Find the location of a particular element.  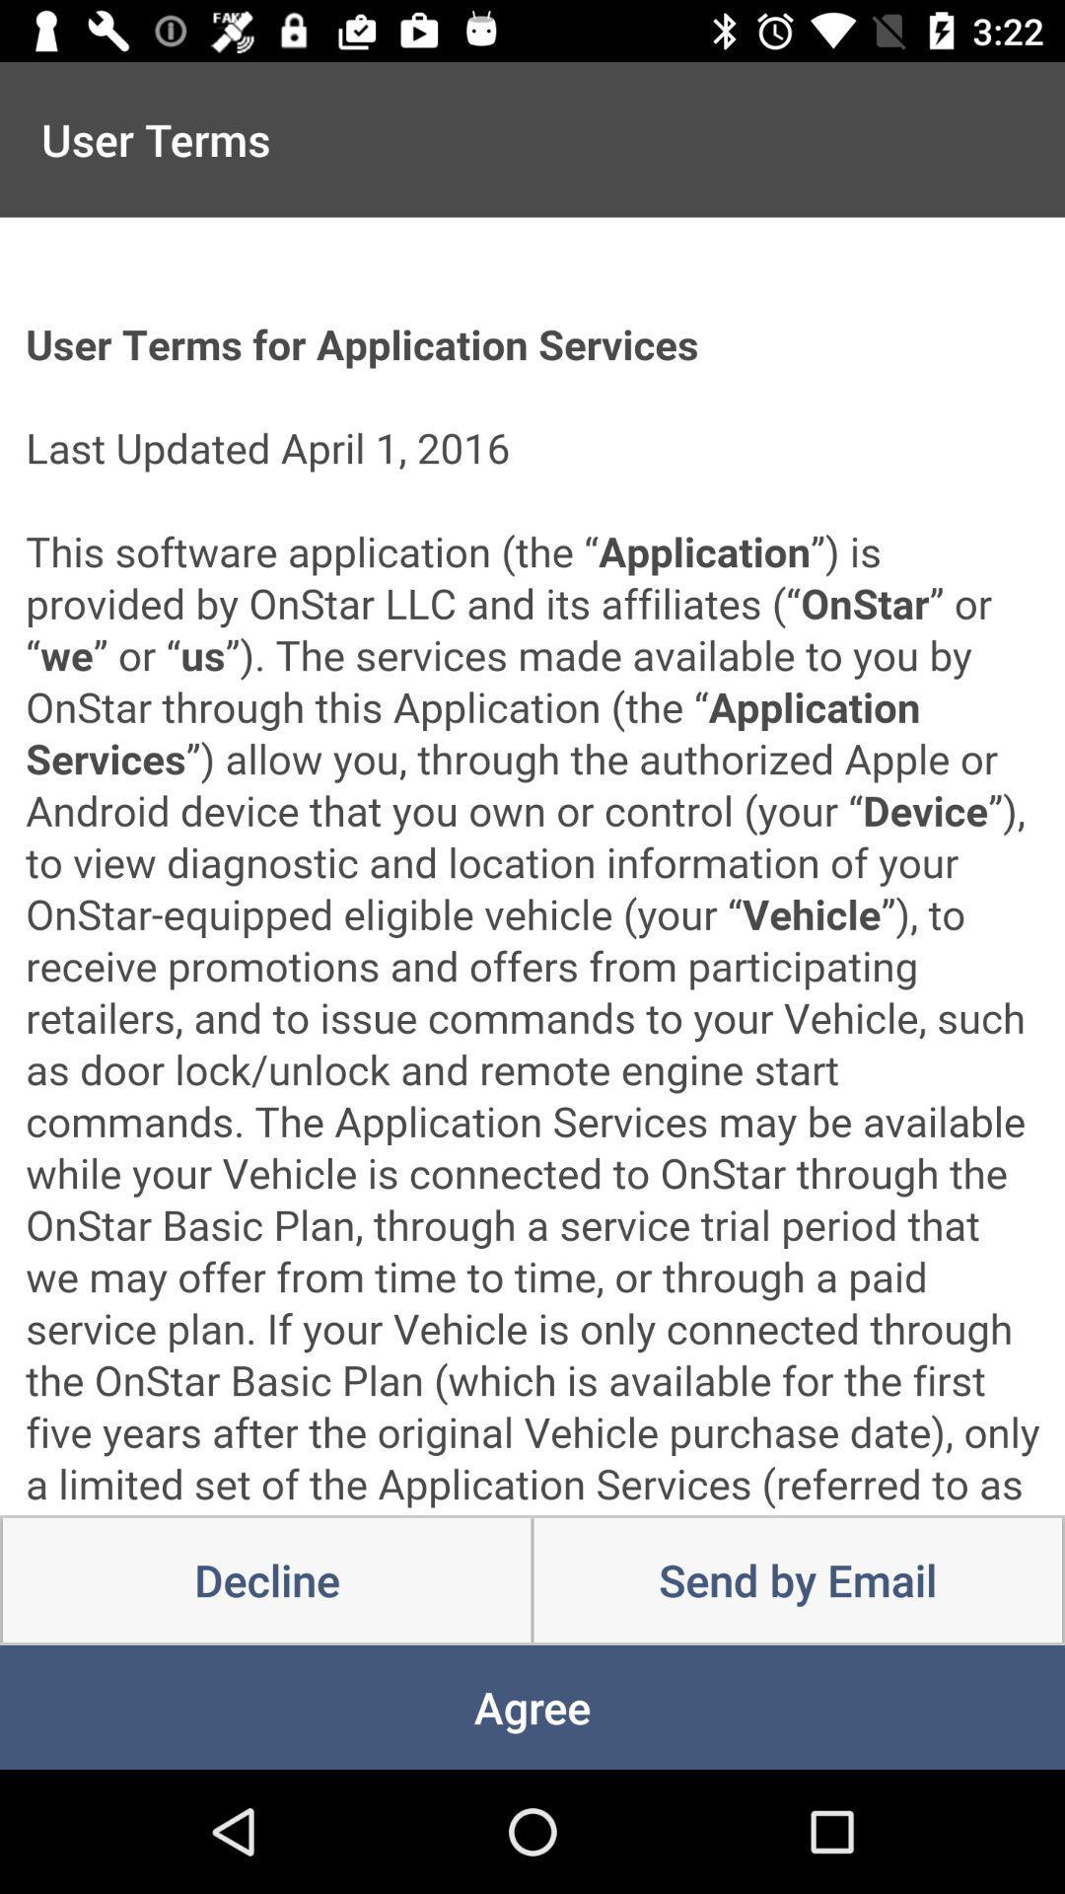

scroll through terms is located at coordinates (532, 866).